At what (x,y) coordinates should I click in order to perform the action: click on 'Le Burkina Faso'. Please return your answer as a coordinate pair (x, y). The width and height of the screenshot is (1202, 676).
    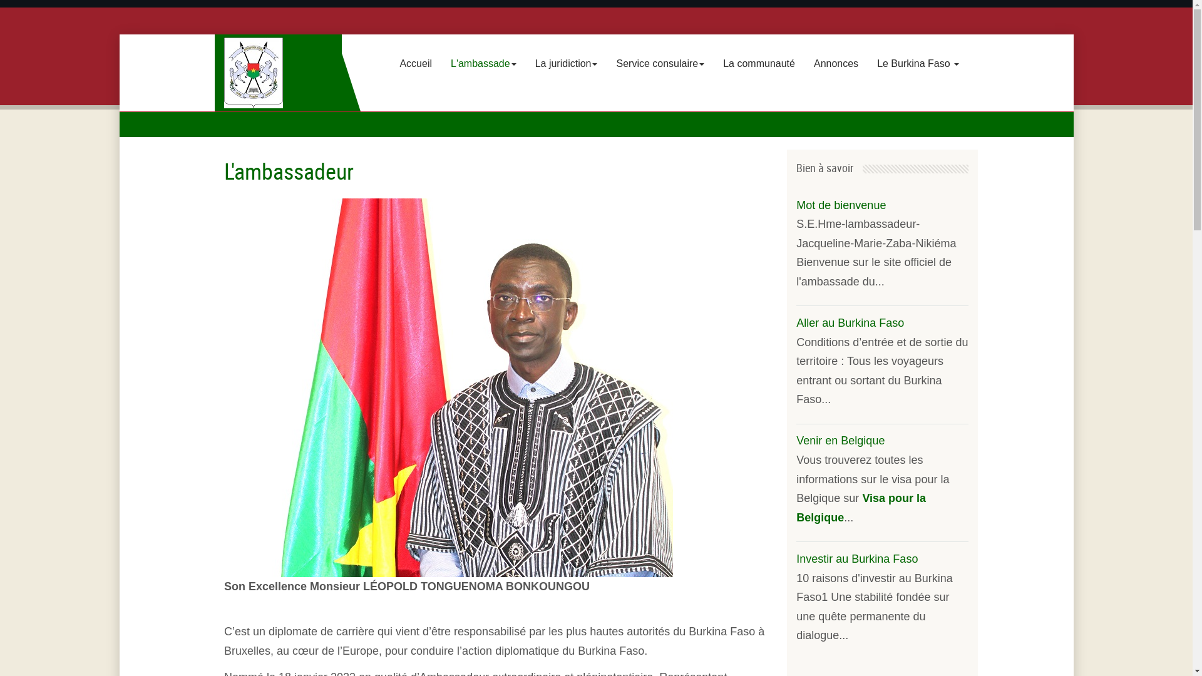
    Looking at the image, I should click on (867, 63).